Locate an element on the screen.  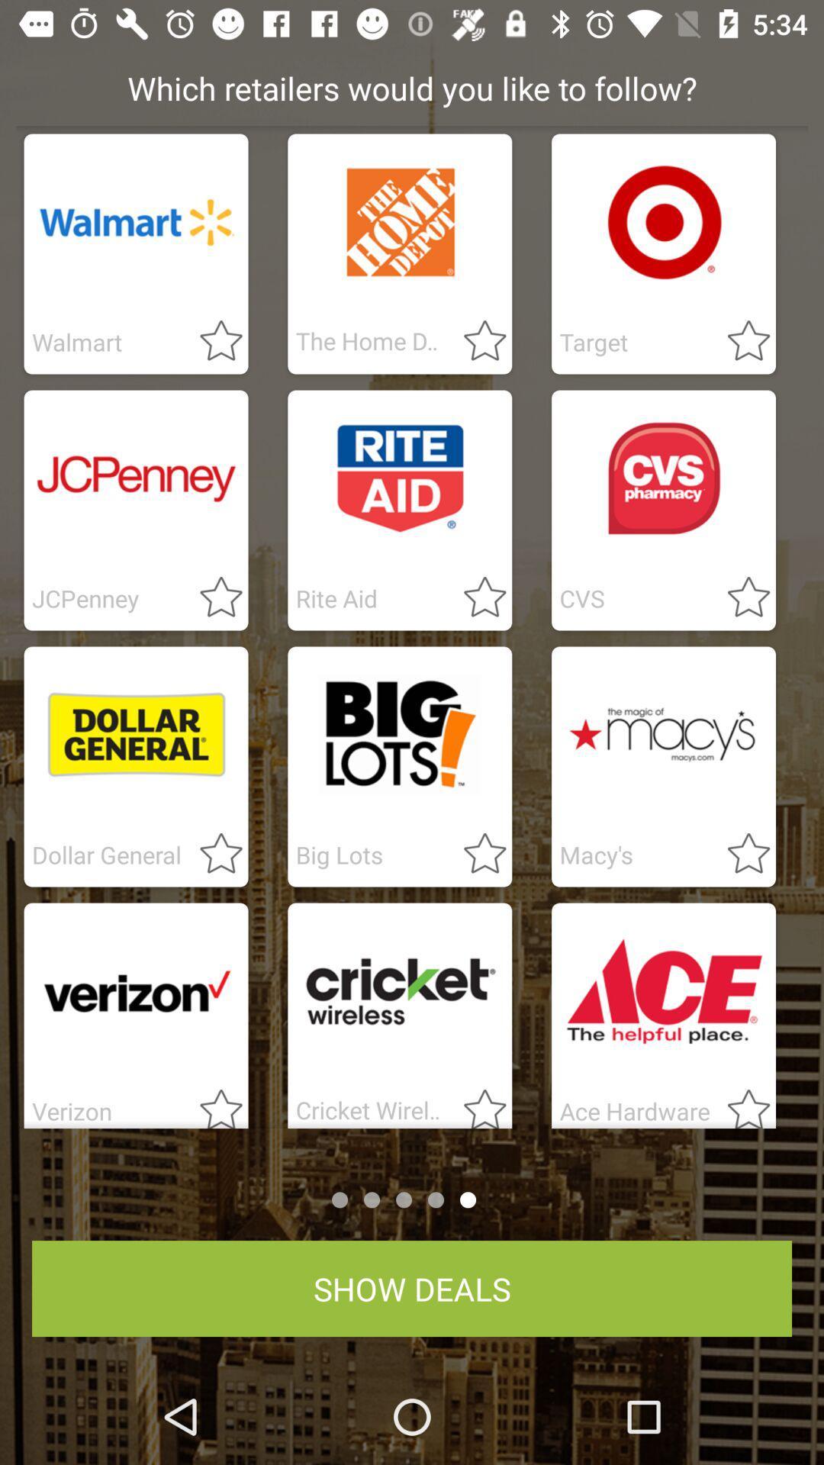
follow this retailer is located at coordinates (212, 597).